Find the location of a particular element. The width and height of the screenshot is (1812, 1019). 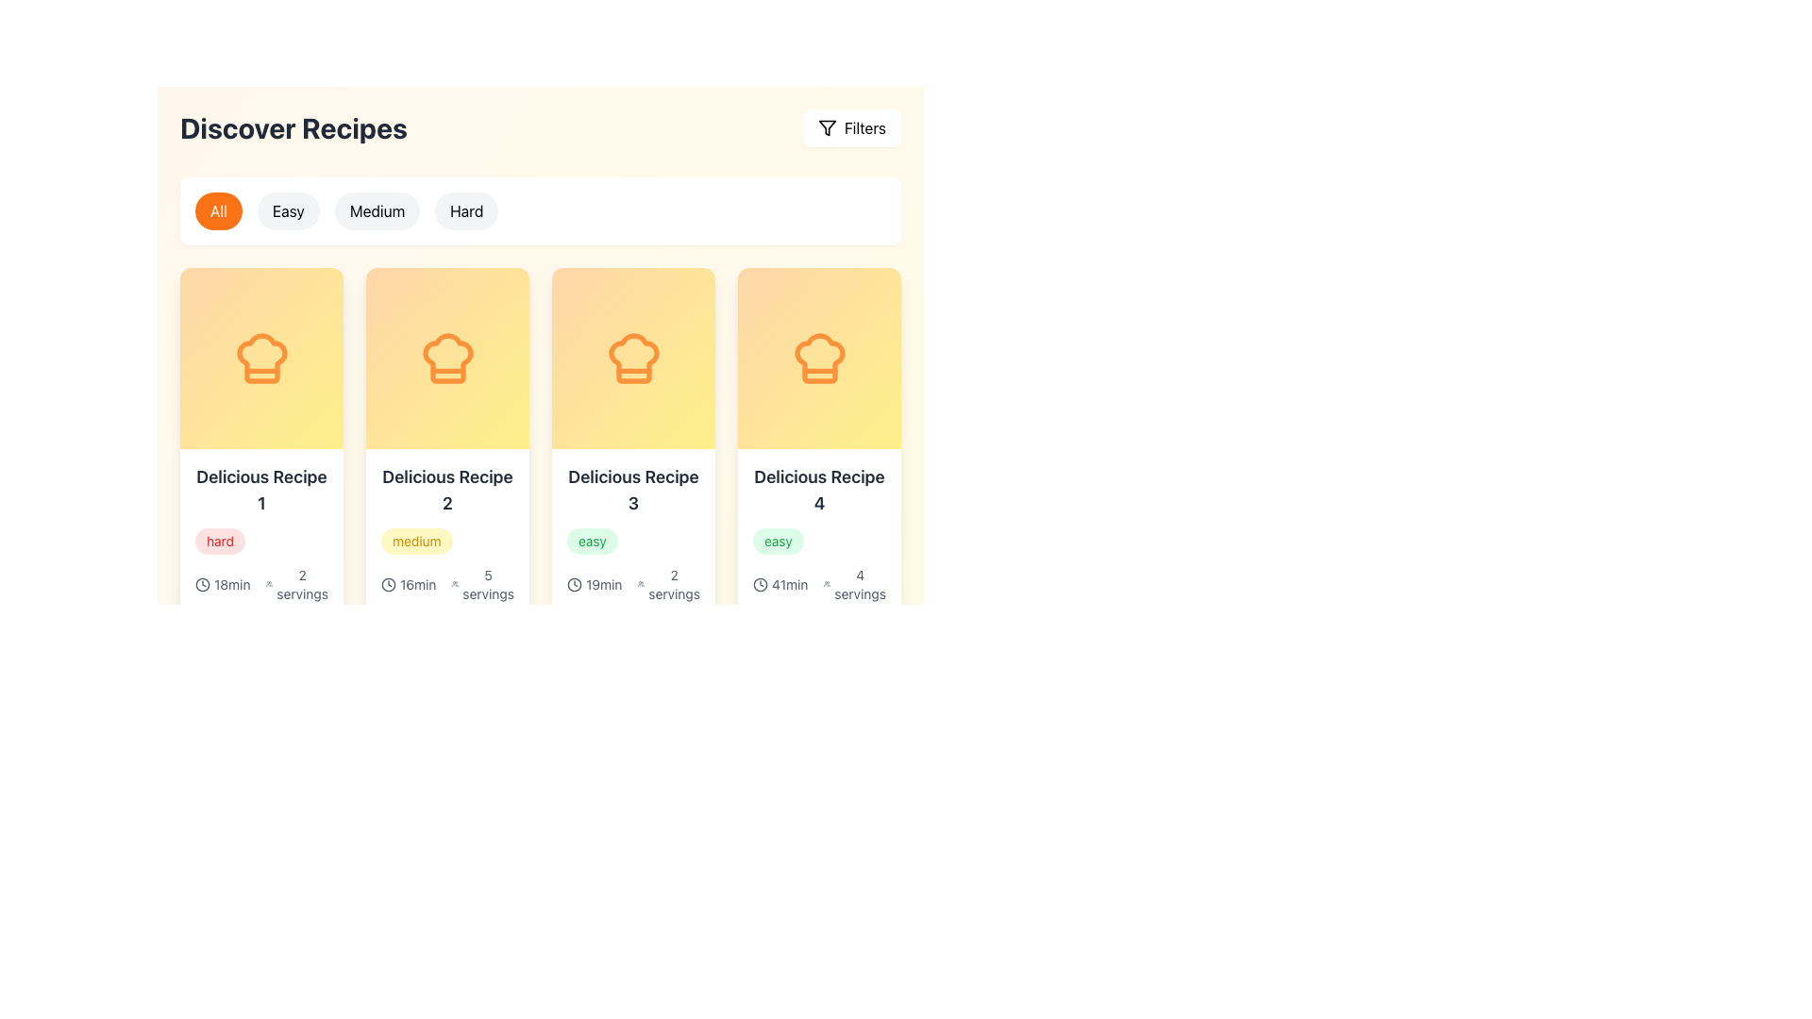

the orange chef's hat icon located on a yellow background in the third recipe card, just above the title 'Delicious Recipe 3' is located at coordinates (633, 358).